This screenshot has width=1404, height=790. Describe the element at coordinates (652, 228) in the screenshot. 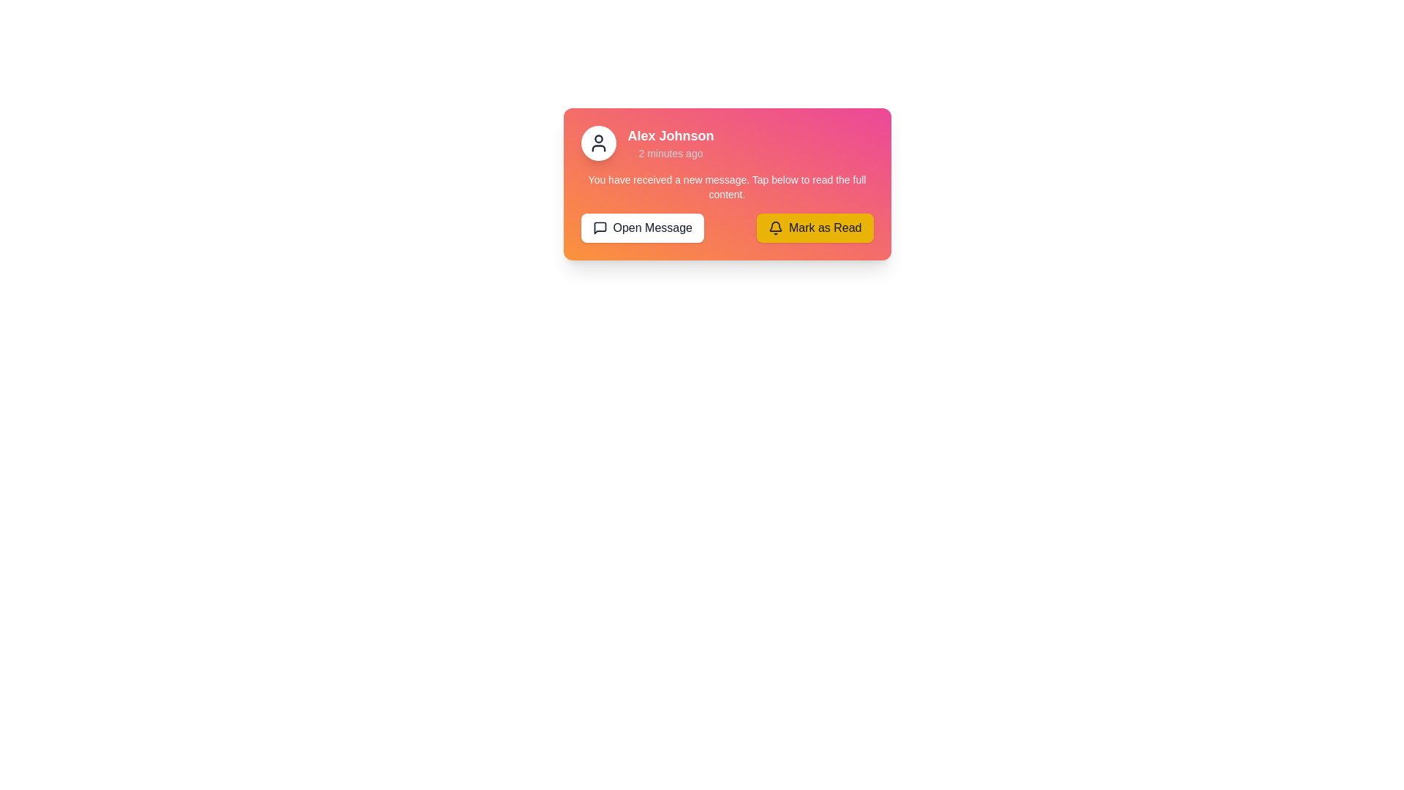

I see `the 'Open Message' button, which features bold text and a speech bubble icon, located within a colorful notification card at the specified coordinates` at that location.